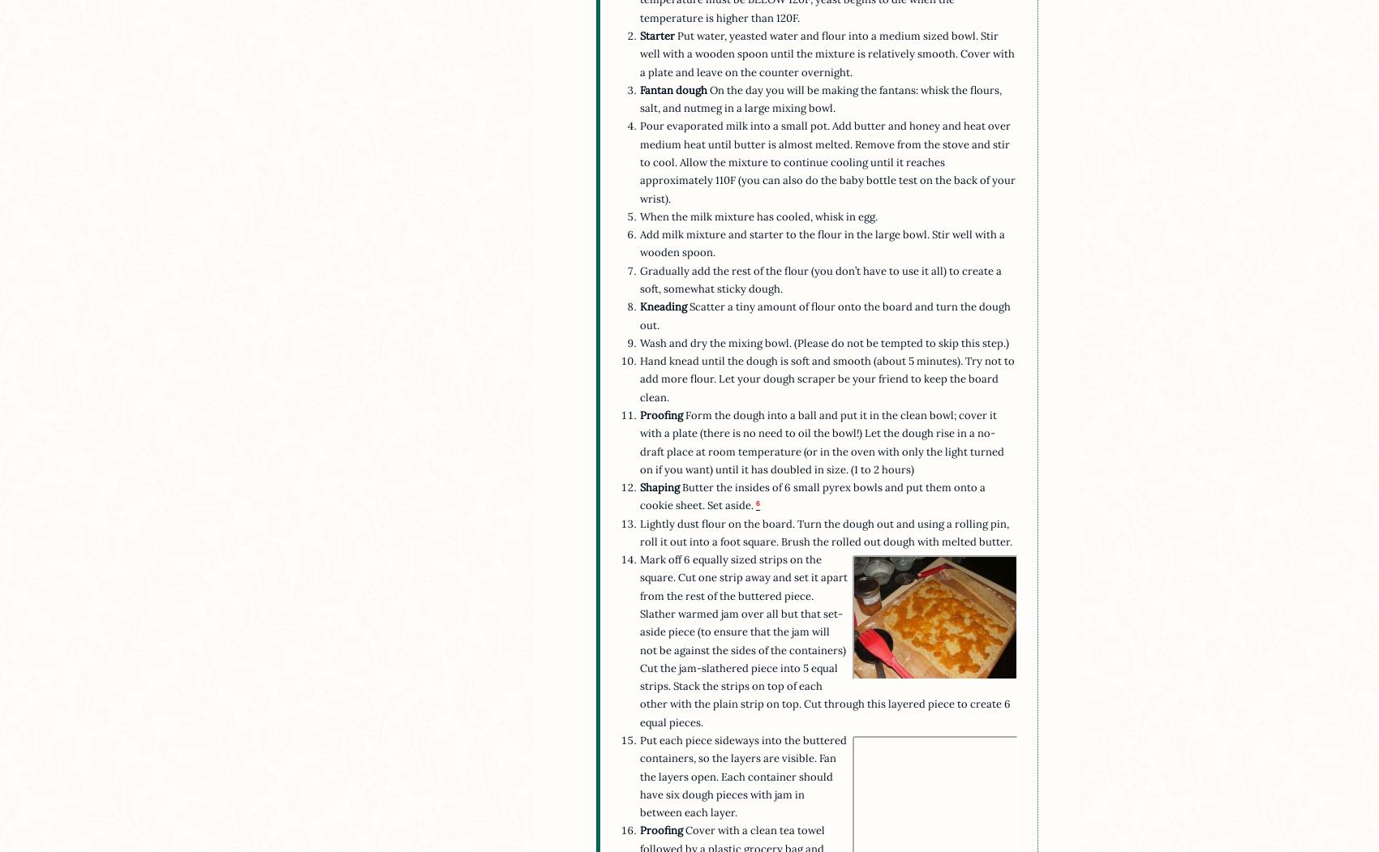 This screenshot has height=852, width=1379. I want to click on 'Hand knead until the dough is soft and smooth (about 5 minutes). Try not to add more flour. Let your dough scraper be your friend to keep the board clean.', so click(827, 378).